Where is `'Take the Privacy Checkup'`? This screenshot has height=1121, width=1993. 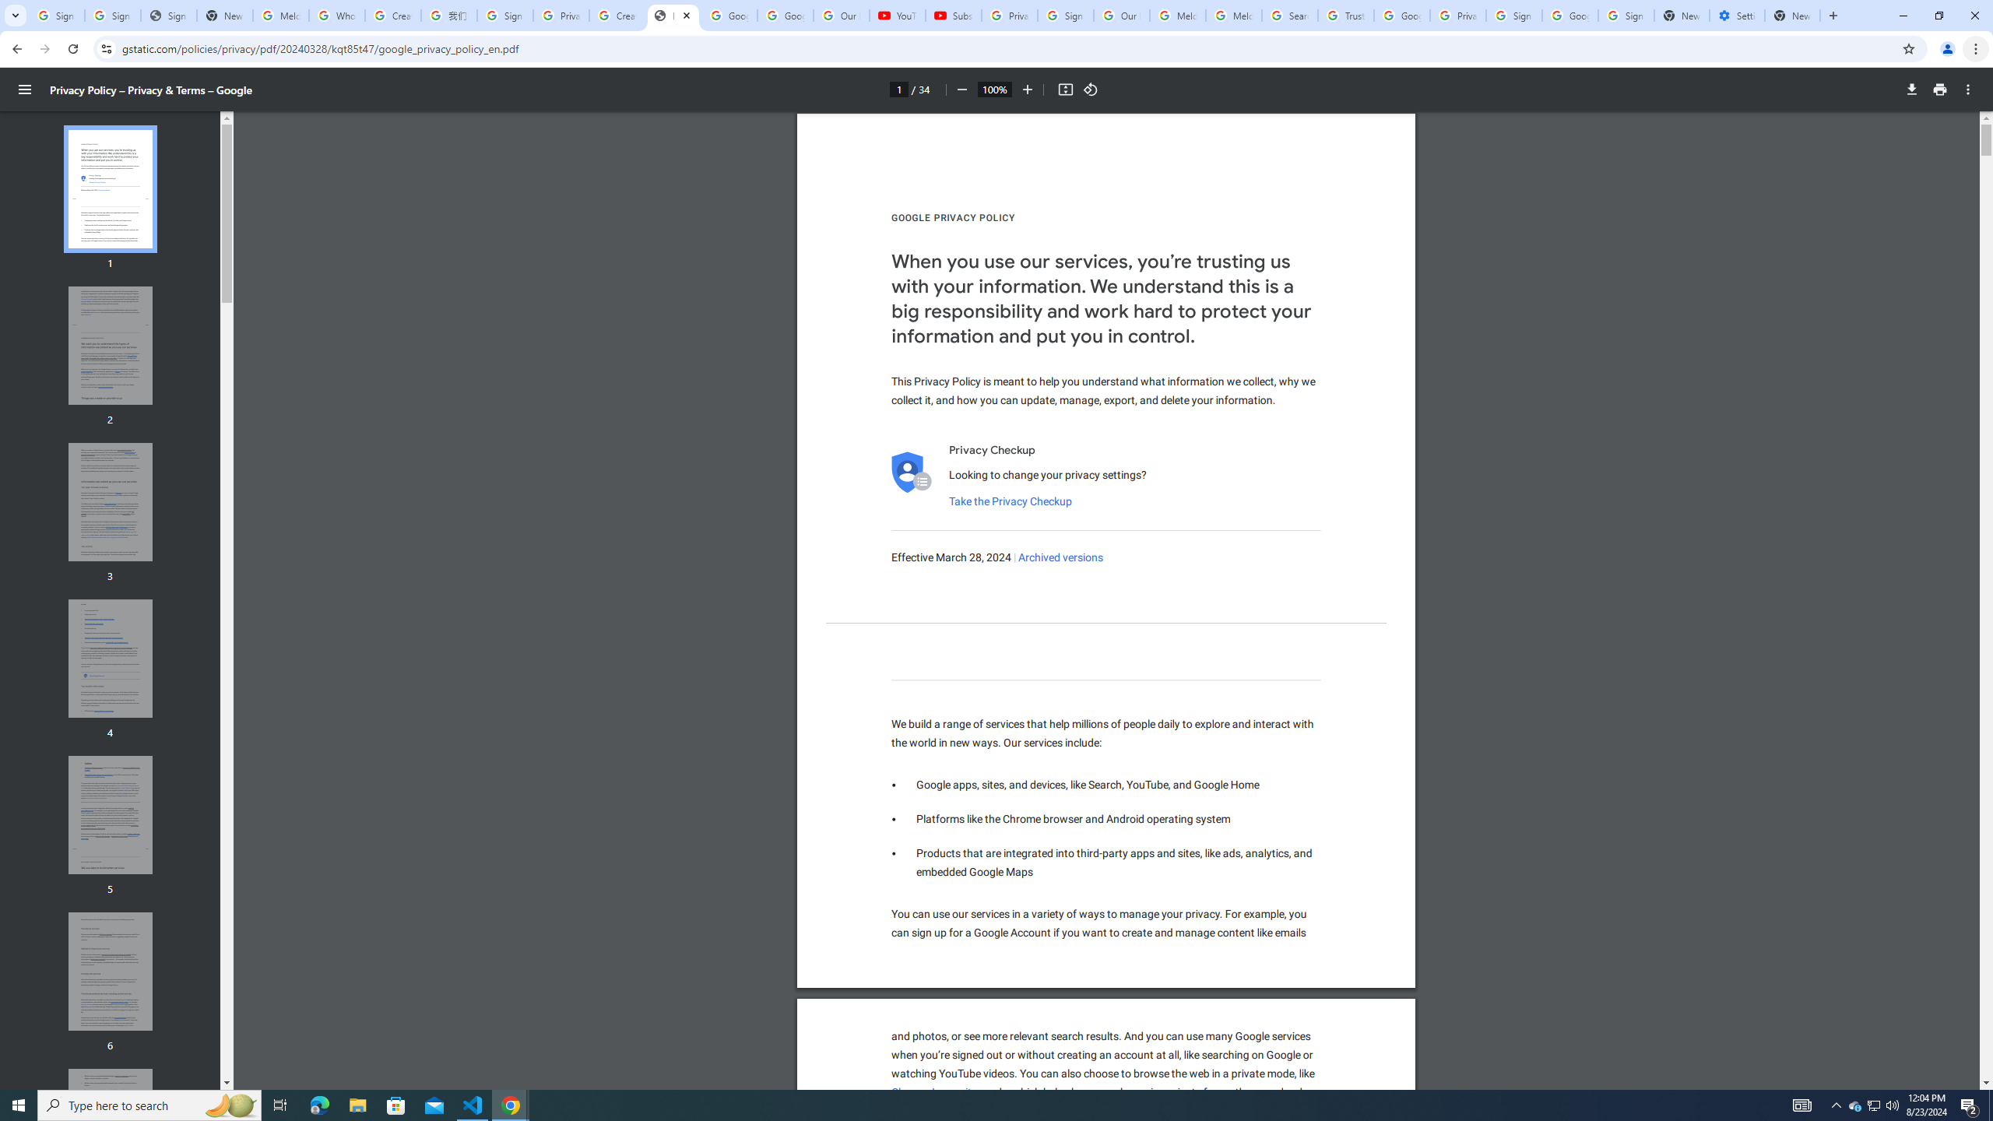 'Take the Privacy Checkup' is located at coordinates (1009, 501).